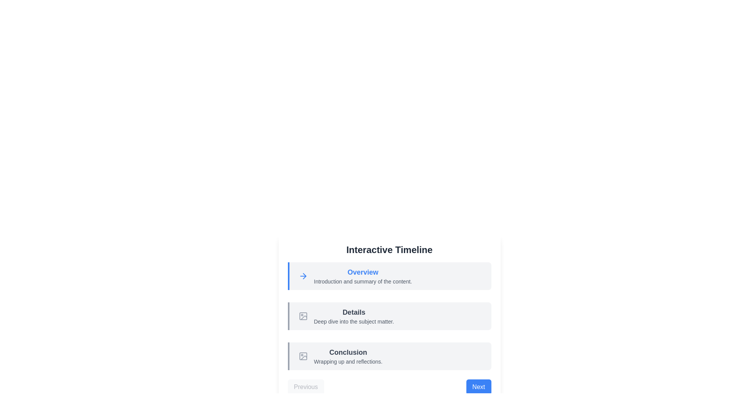 The height and width of the screenshot is (416, 740). Describe the element at coordinates (389, 276) in the screenshot. I see `the timeline section labeled Overview to view its details` at that location.